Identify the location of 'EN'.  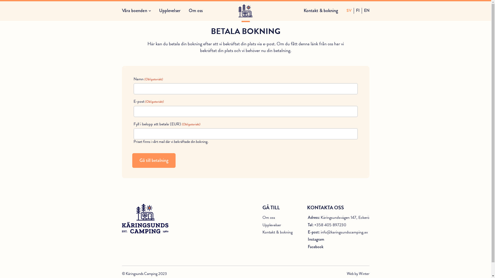
(366, 11).